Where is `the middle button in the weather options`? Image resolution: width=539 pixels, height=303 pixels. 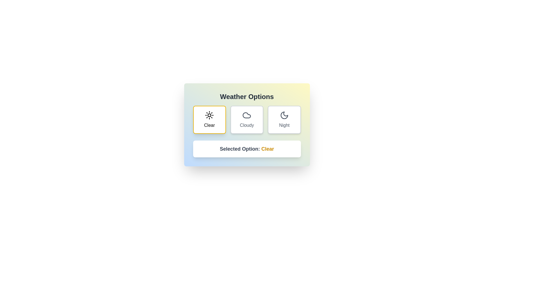 the middle button in the weather options is located at coordinates (247, 120).